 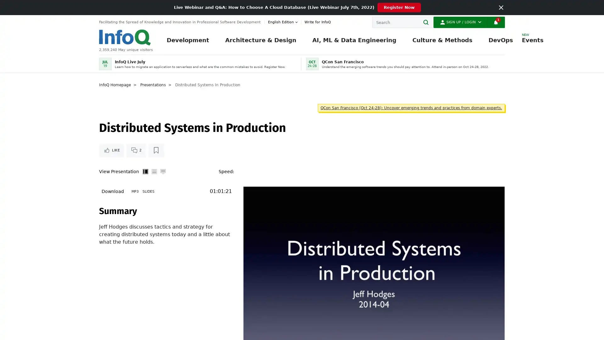 I want to click on Vertical, so click(x=145, y=175).